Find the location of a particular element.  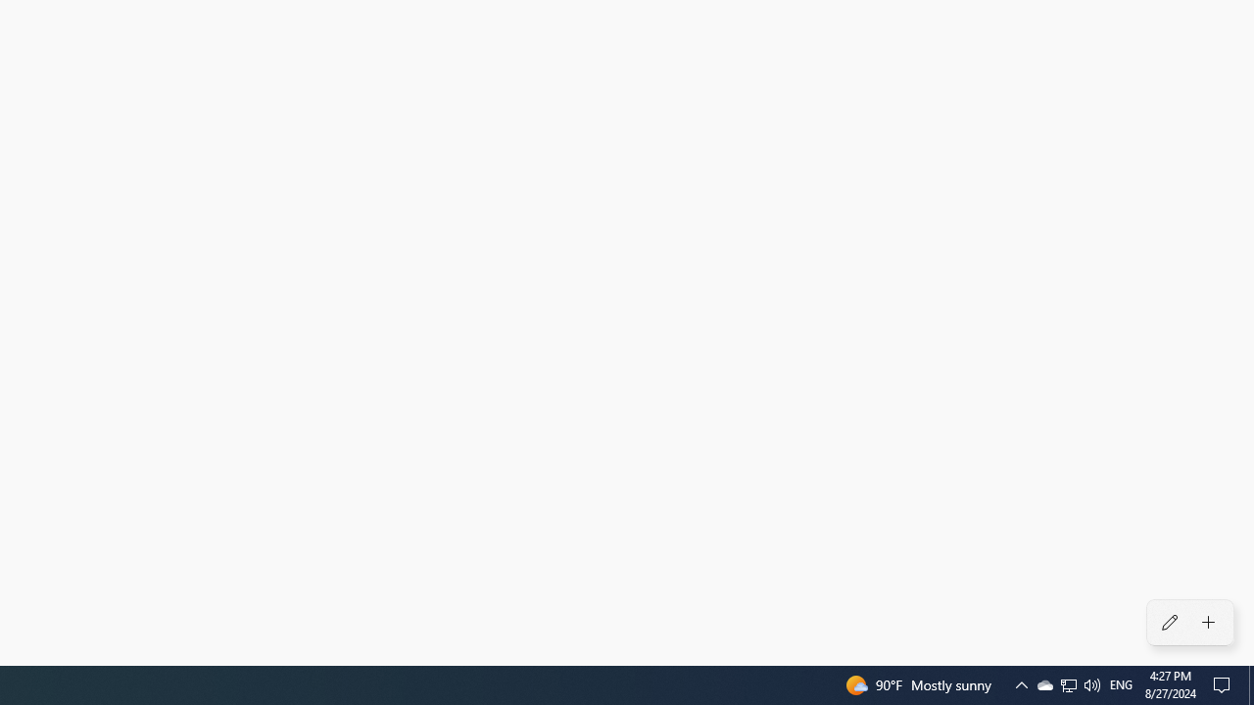

'Add new timer' is located at coordinates (1207, 623).